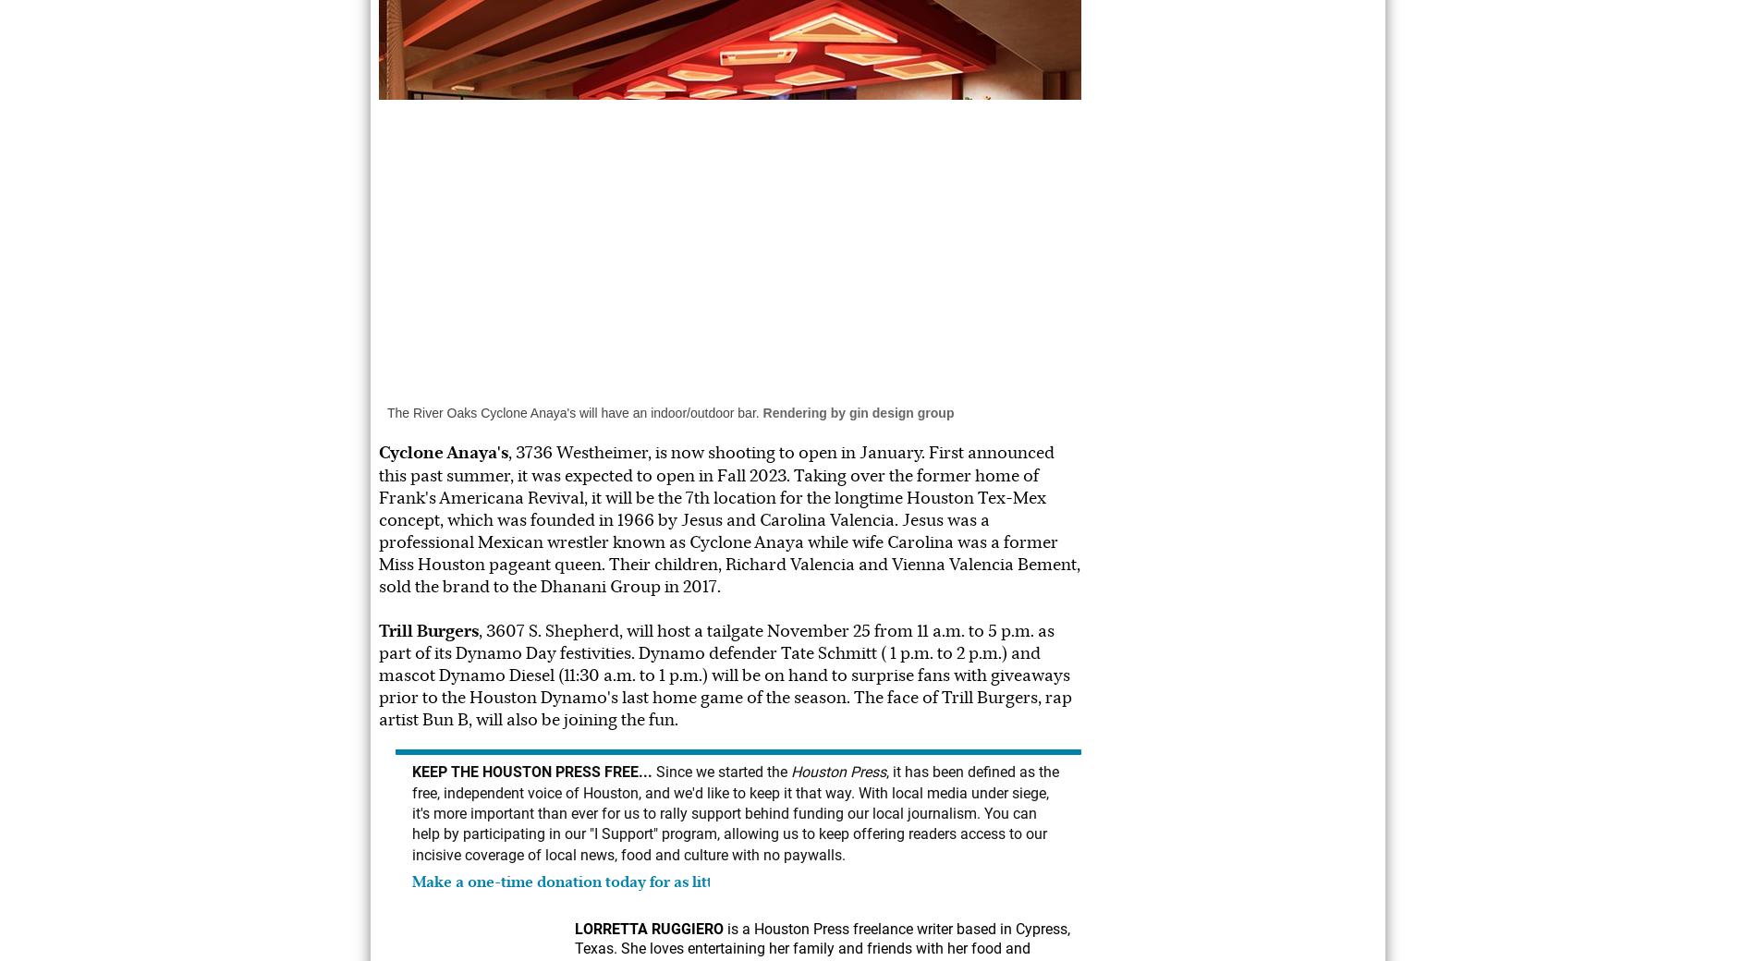 This screenshot has height=961, width=1756. What do you see at coordinates (427, 630) in the screenshot?
I see `'Trill Burgers'` at bounding box center [427, 630].